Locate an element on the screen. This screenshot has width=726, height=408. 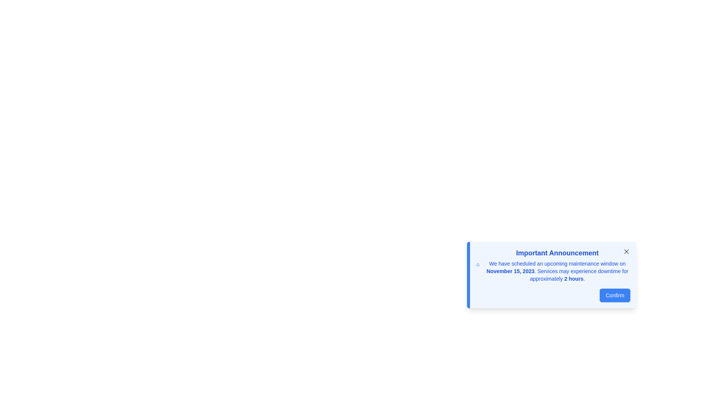
the confirmation button located at the bottom-right corner of the popup card to activate hover effects is located at coordinates (615, 295).